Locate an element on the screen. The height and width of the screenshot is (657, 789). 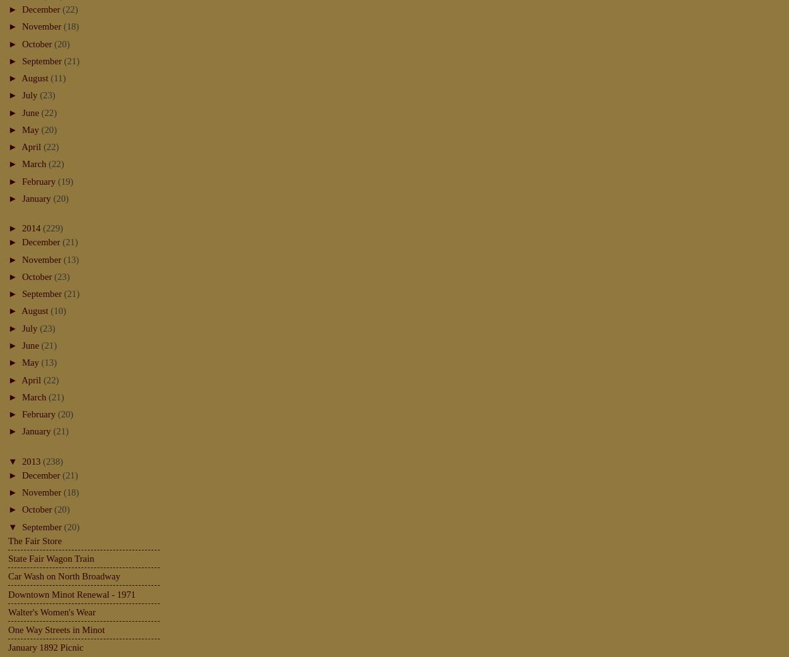
'January 1892 Picnic' is located at coordinates (45, 647).